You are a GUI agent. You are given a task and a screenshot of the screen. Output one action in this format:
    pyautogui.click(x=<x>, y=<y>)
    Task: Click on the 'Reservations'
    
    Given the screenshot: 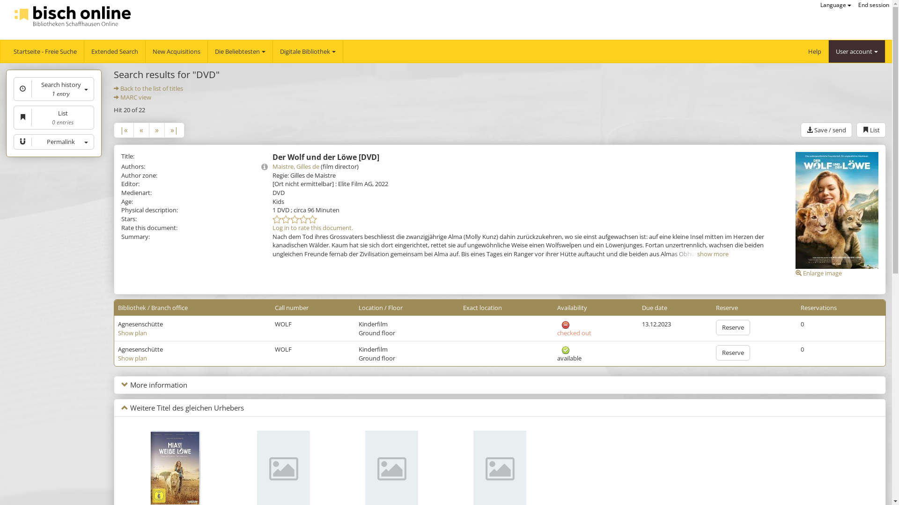 What is the action you would take?
    pyautogui.click(x=818, y=308)
    